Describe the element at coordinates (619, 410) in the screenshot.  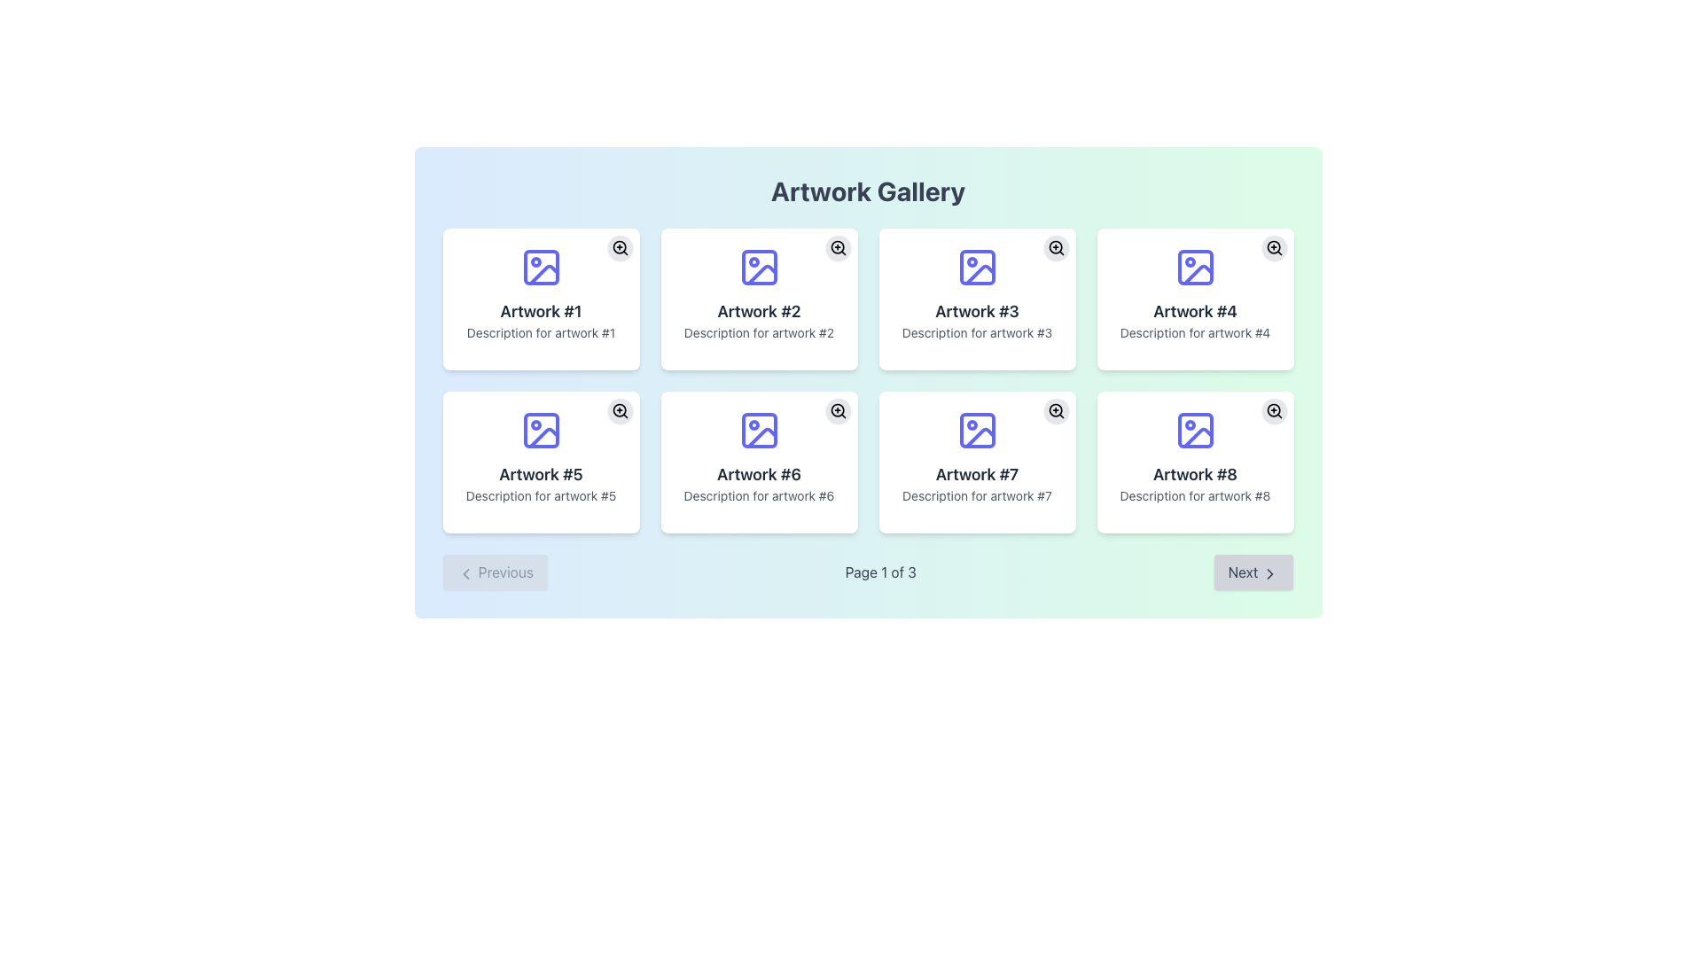
I see `the main circular part of the magnifying glass icon located at the top-right corner of the card labeled 'Artwork #5' to suggest magnification functionality` at that location.